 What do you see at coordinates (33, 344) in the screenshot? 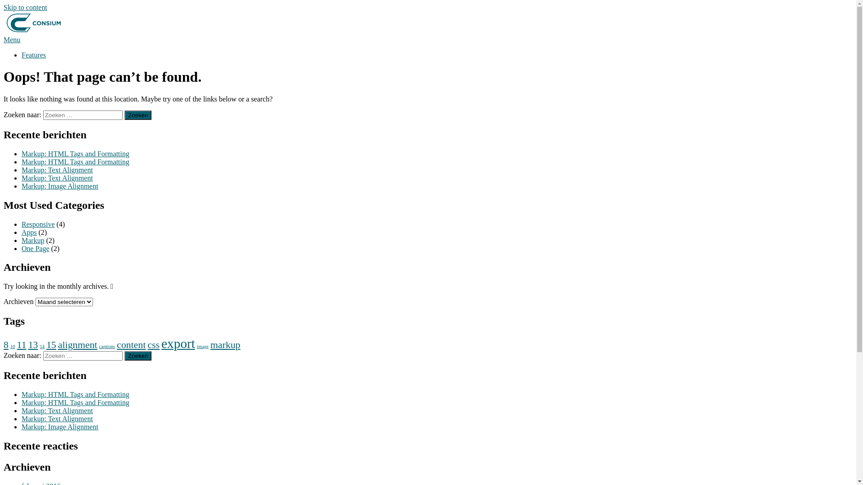
I see `'13'` at bounding box center [33, 344].